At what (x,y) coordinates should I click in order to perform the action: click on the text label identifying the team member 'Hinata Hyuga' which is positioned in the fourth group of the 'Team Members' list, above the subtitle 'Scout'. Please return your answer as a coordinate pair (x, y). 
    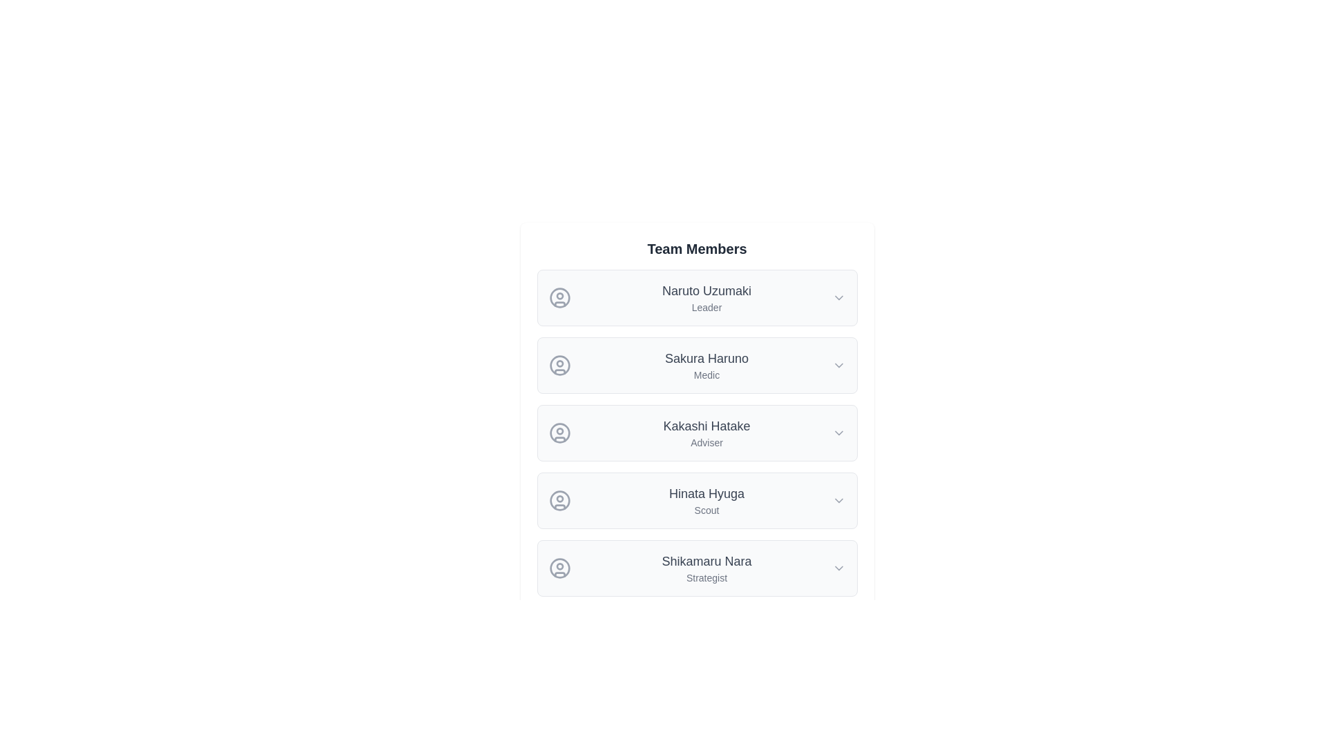
    Looking at the image, I should click on (707, 493).